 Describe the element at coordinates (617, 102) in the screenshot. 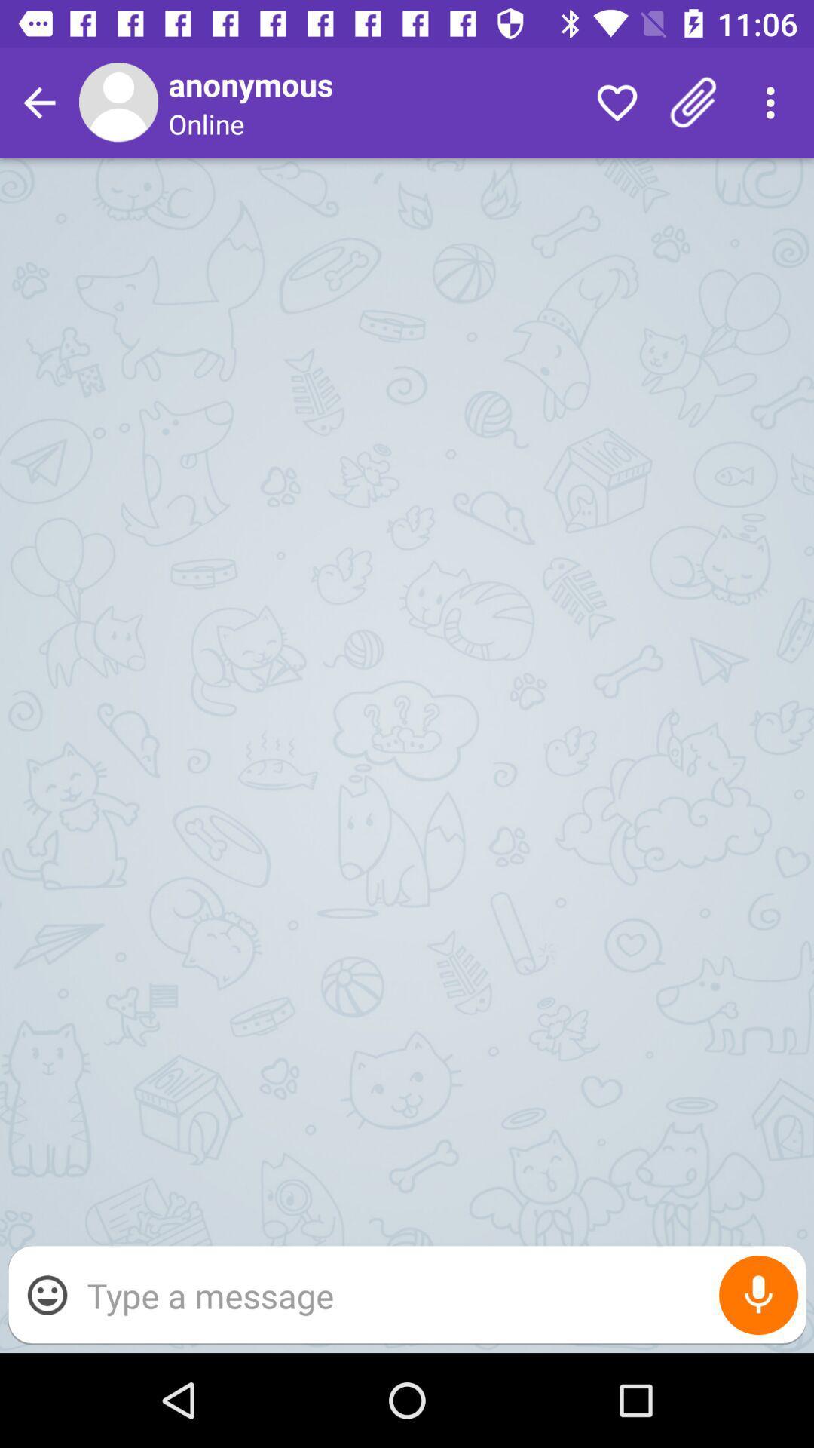

I see `icon to the right of the anonymous` at that location.